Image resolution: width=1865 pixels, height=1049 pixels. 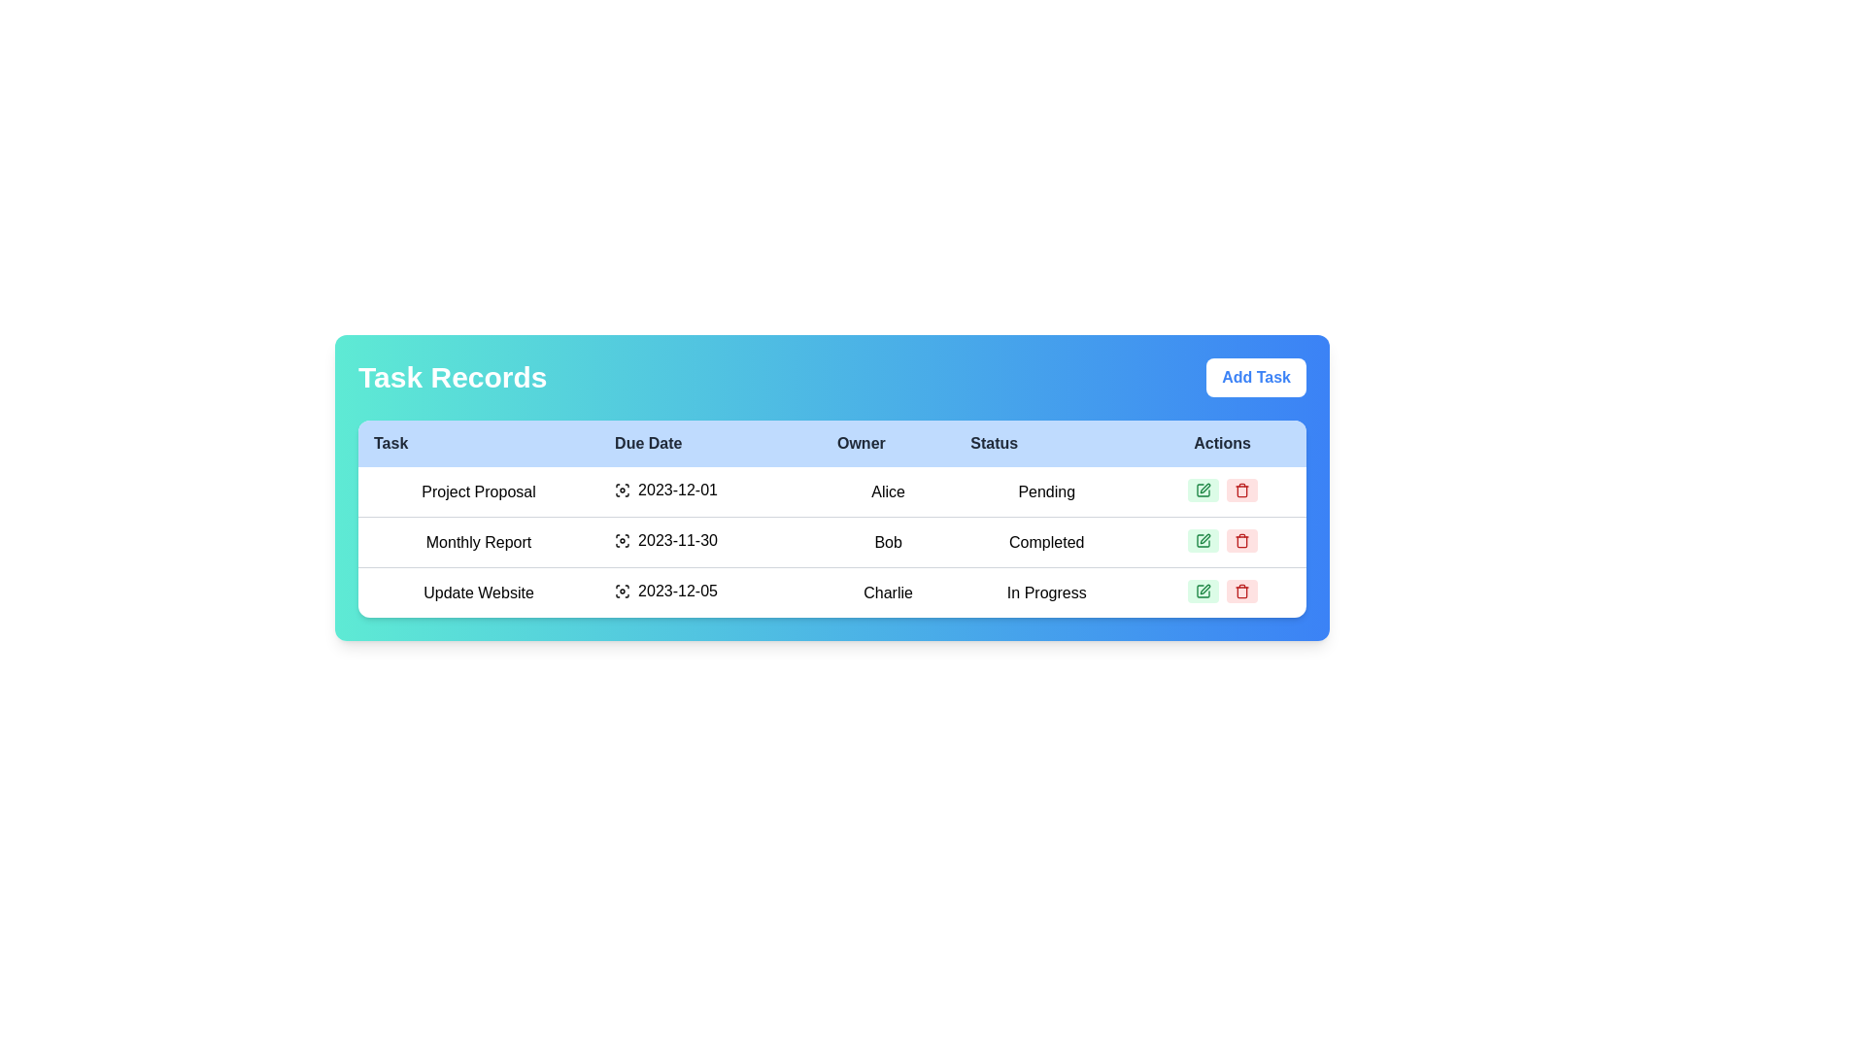 I want to click on the green button with rounded corners and a pen icon in the 'Actions' column of the table row associated with 'Bob' and the task 'Monthly Report', so click(x=1202, y=540).